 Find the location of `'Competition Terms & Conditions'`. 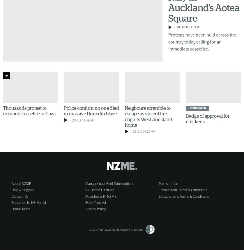

'Competition Terms & Conditions' is located at coordinates (183, 190).